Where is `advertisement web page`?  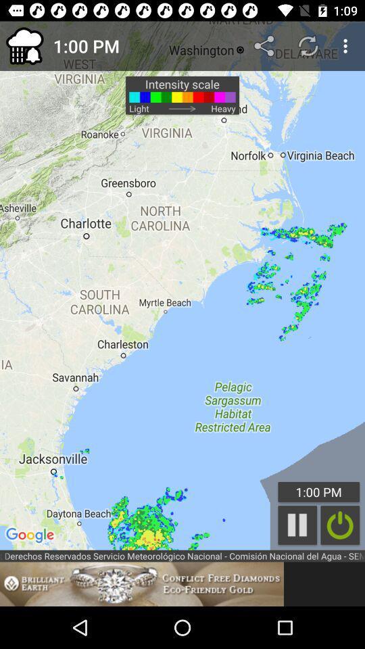 advertisement web page is located at coordinates (141, 583).